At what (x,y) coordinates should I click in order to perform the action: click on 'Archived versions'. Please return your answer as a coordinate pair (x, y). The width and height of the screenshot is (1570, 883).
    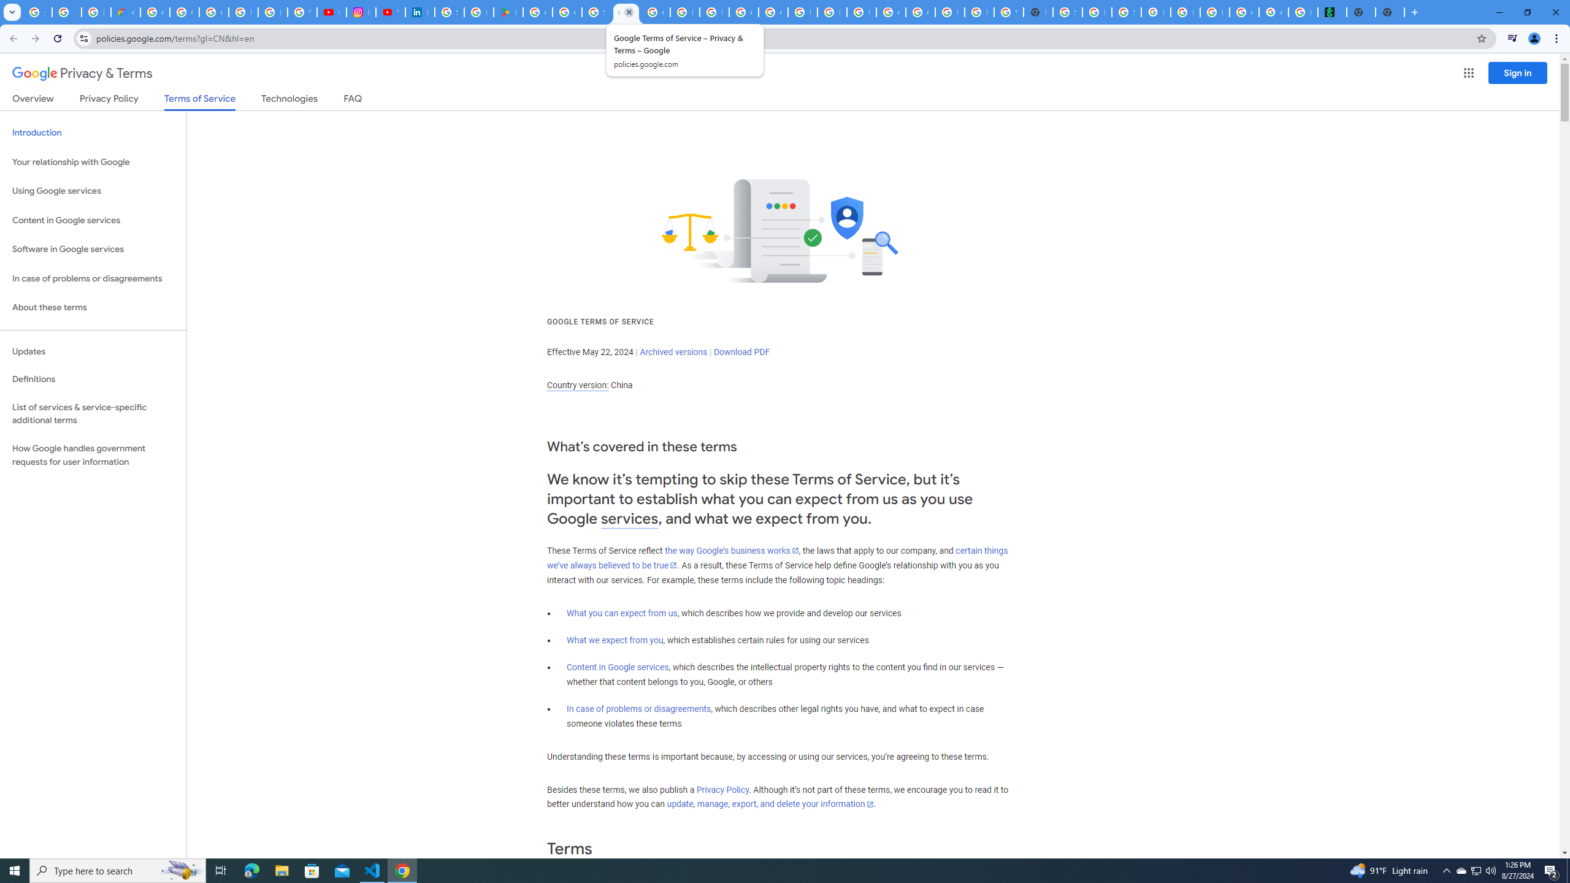
    Looking at the image, I should click on (673, 351).